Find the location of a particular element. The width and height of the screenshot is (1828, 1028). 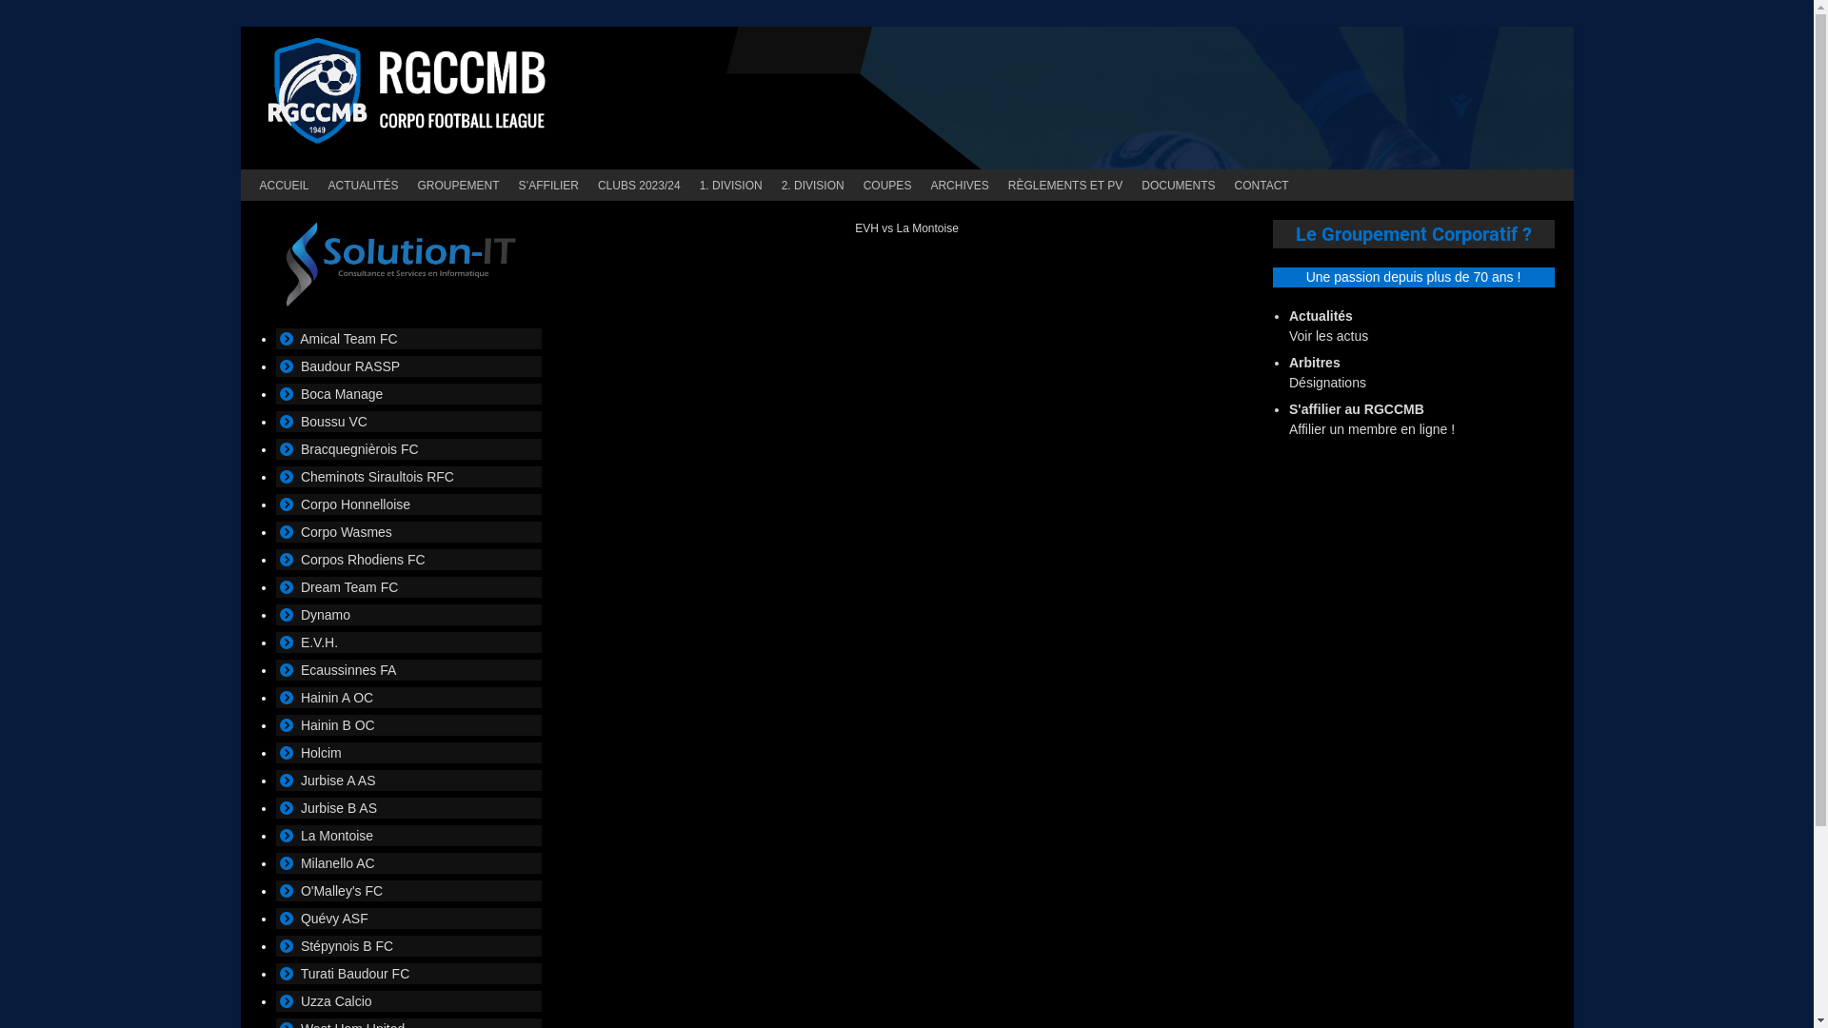

'Turati Baudour FC' is located at coordinates (300, 973).